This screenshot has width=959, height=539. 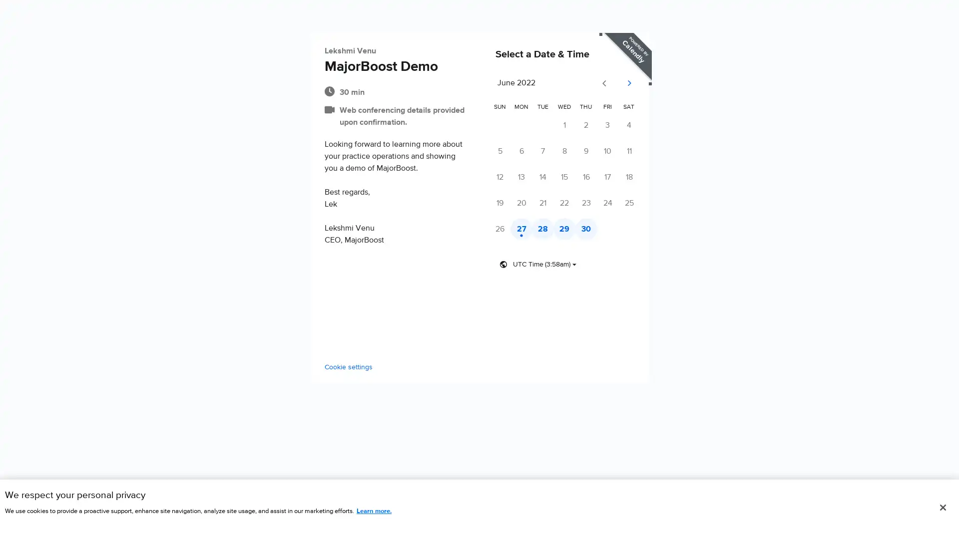 What do you see at coordinates (633, 83) in the screenshot?
I see `Go to previous month` at bounding box center [633, 83].